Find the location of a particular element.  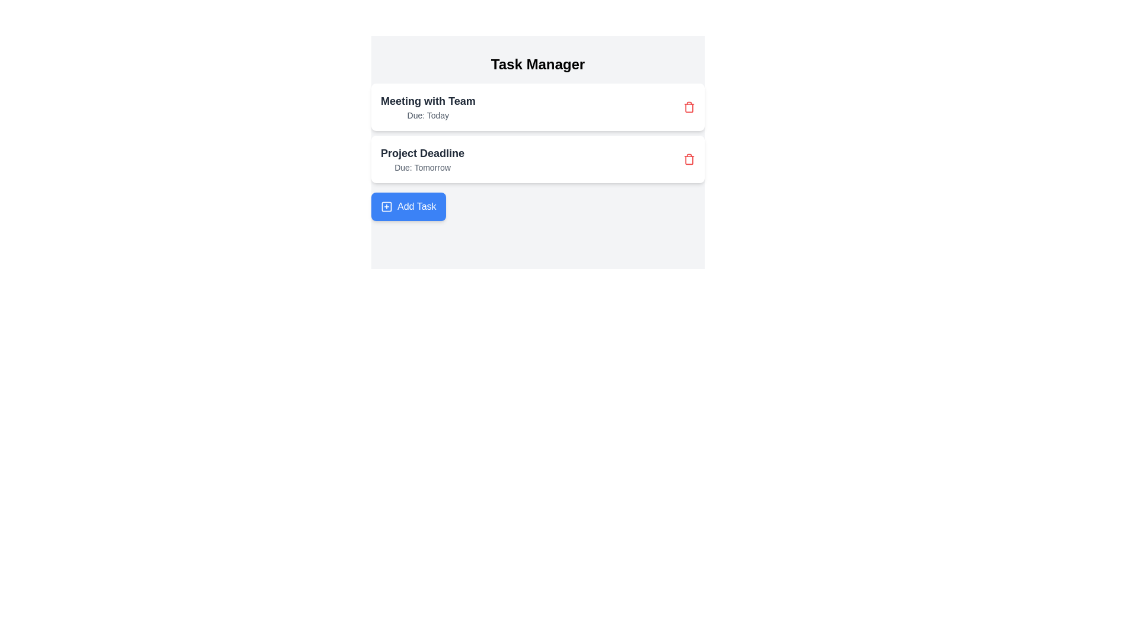

the first task item titled 'Meeting with Team' in the task list under the 'Task Manager' heading is located at coordinates (427, 107).